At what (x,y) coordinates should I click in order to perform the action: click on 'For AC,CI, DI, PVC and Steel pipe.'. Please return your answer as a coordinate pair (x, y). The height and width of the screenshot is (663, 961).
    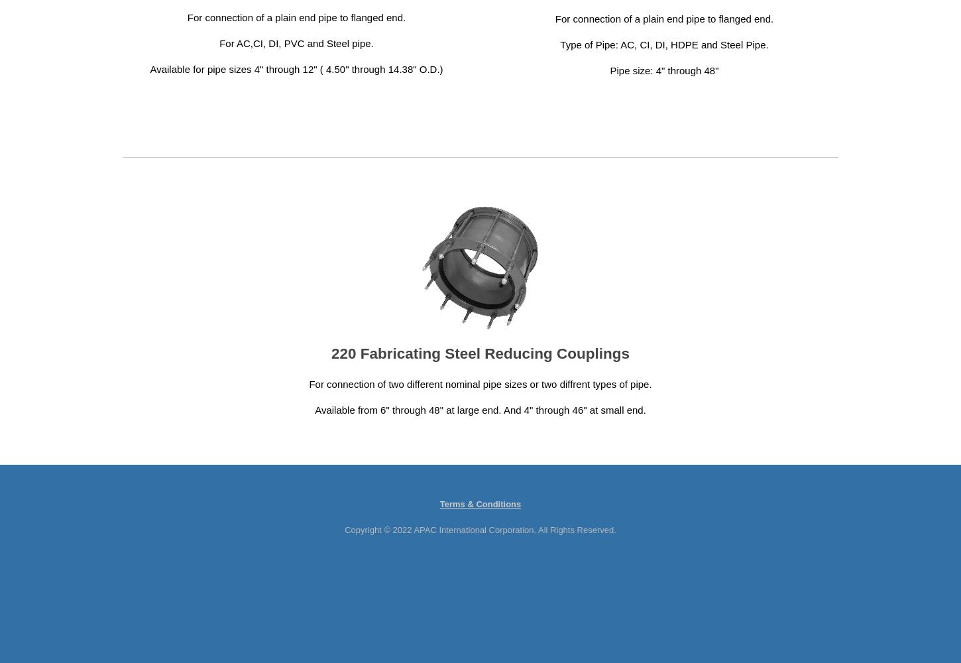
    Looking at the image, I should click on (296, 42).